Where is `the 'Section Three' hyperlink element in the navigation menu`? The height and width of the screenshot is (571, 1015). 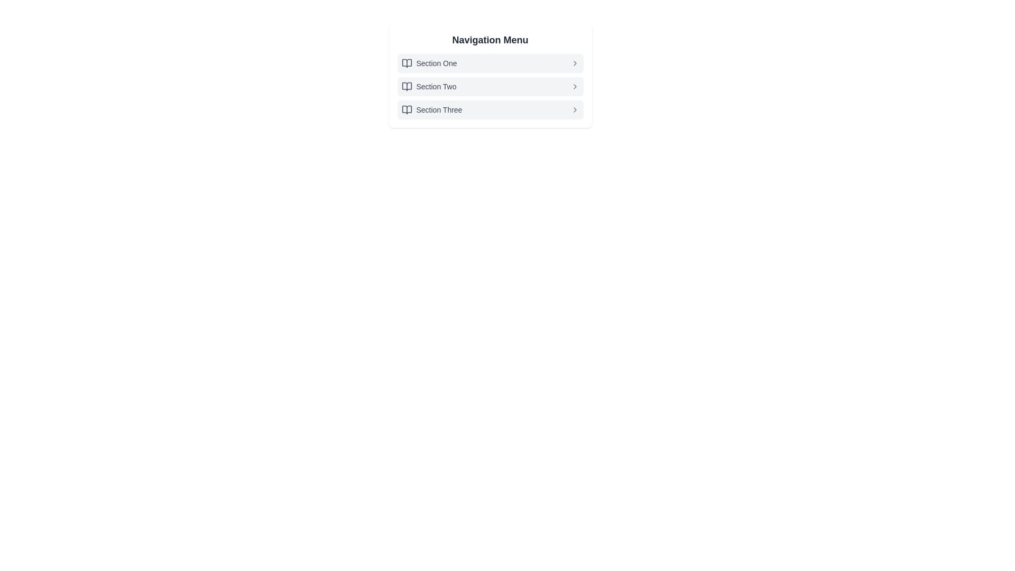
the 'Section Three' hyperlink element in the navigation menu is located at coordinates (439, 110).